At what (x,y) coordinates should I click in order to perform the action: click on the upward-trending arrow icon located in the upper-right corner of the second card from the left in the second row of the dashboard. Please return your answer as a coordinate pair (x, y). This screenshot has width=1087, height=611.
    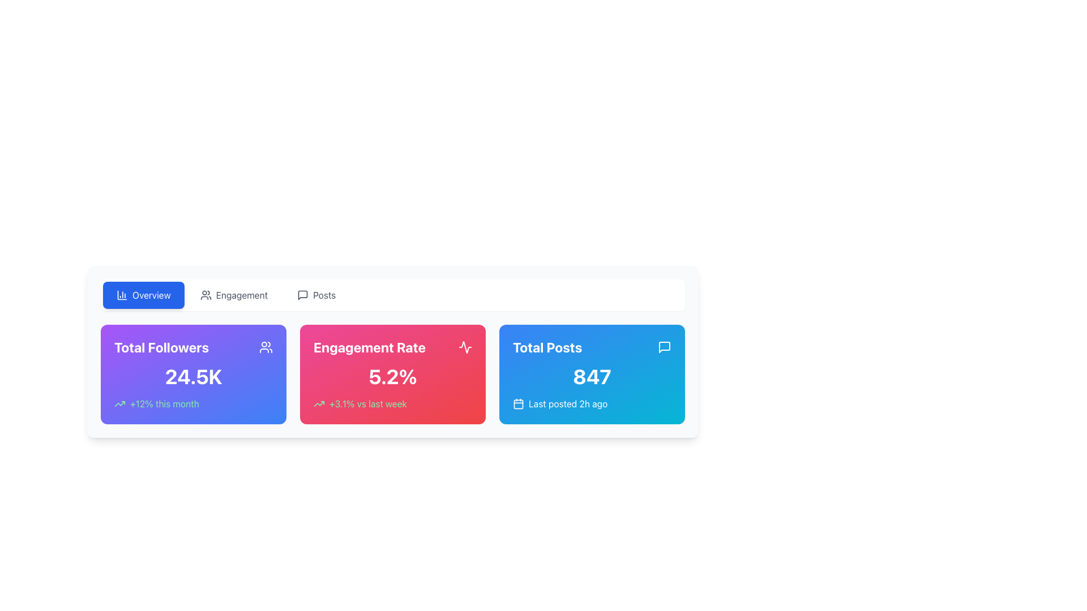
    Looking at the image, I should click on (119, 403).